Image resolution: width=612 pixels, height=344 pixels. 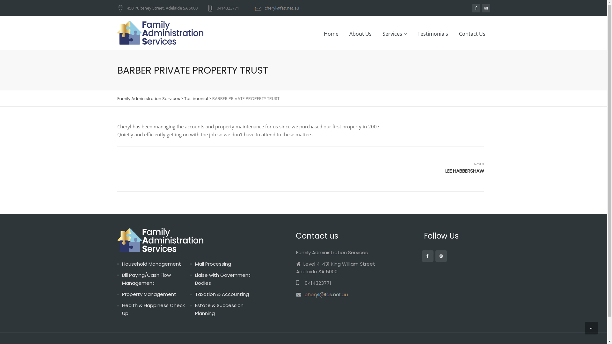 I want to click on 'Property Management', so click(x=148, y=294).